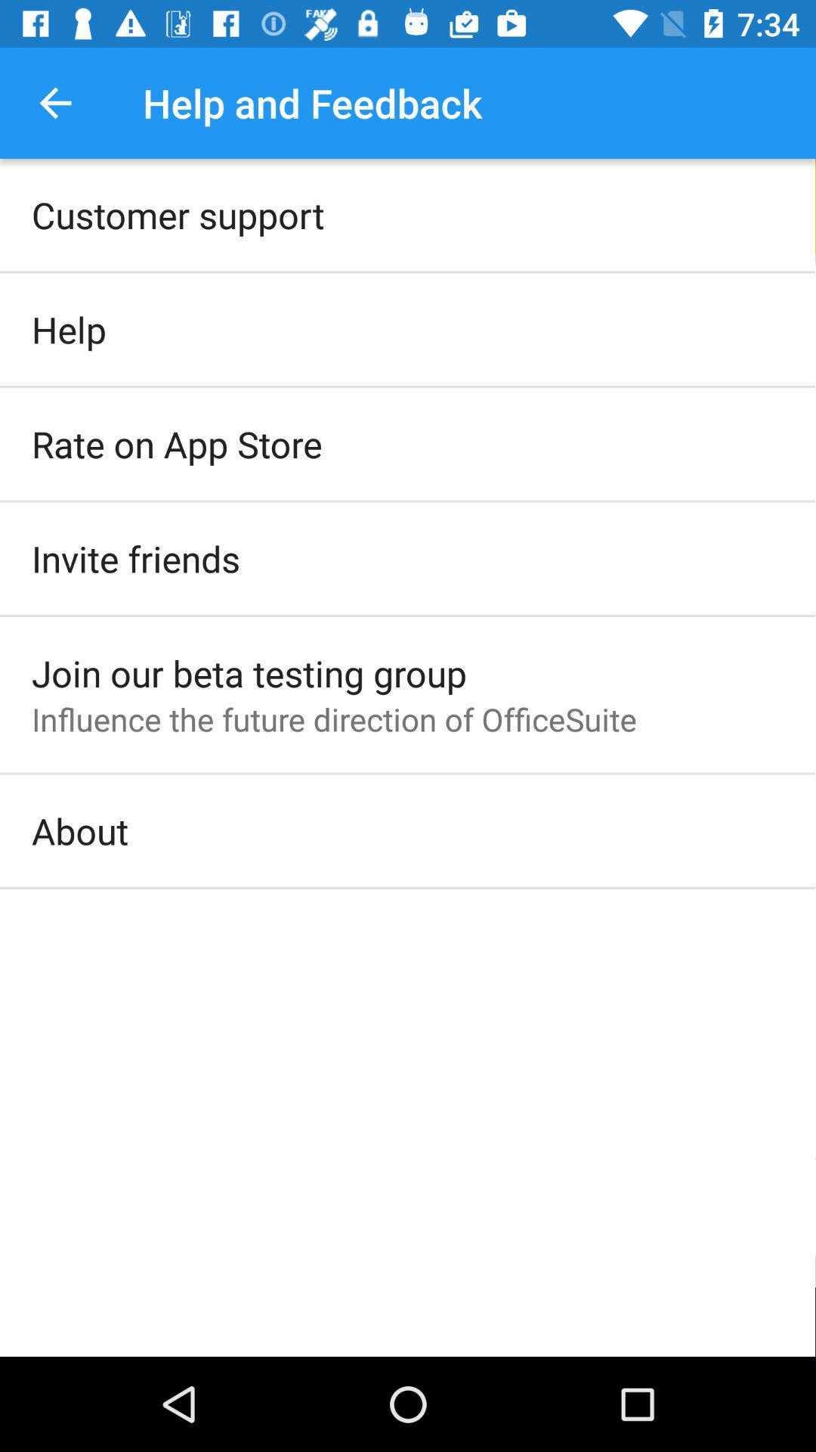 Image resolution: width=816 pixels, height=1452 pixels. Describe the element at coordinates (54, 102) in the screenshot. I see `go back` at that location.